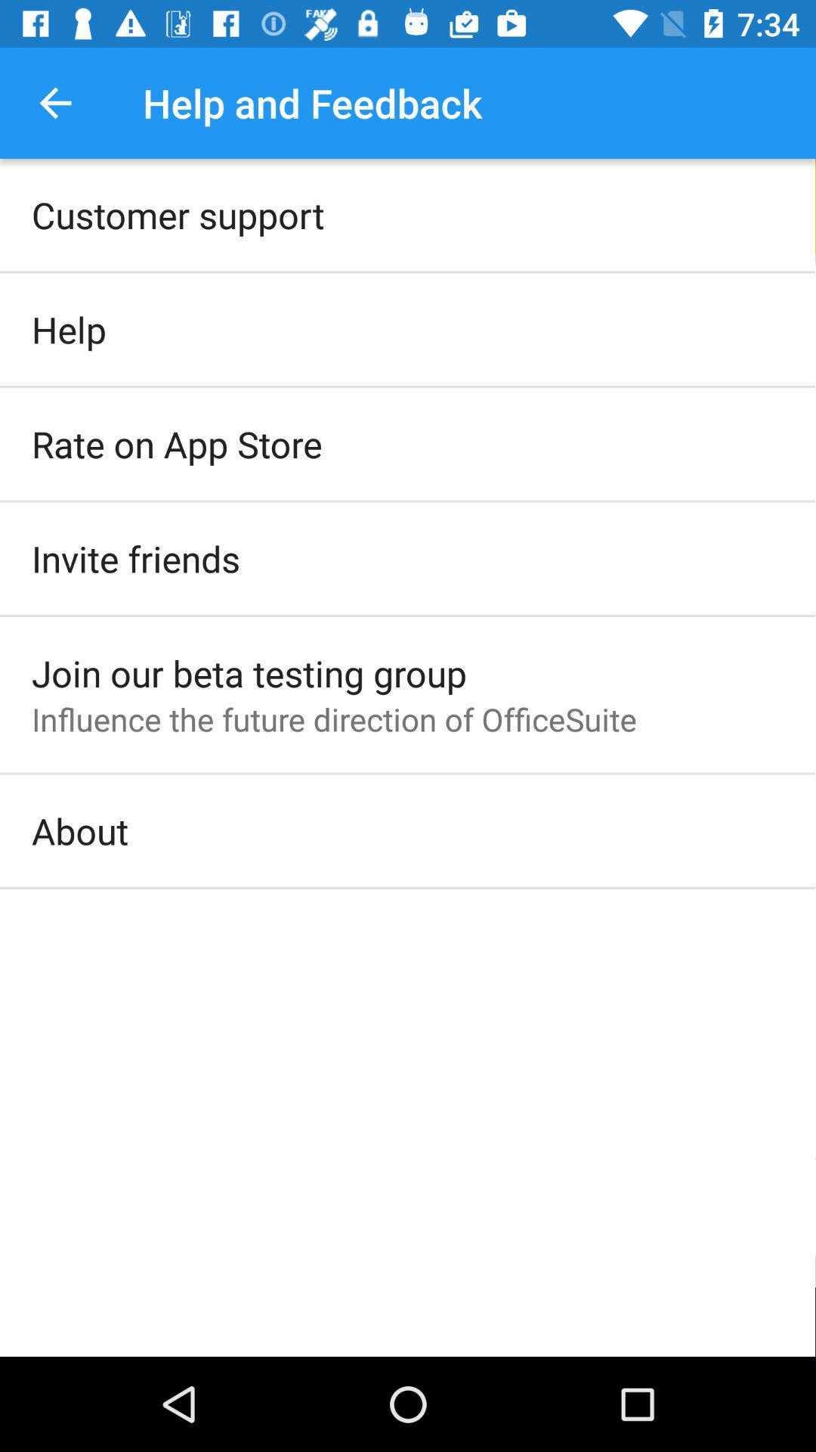 Image resolution: width=816 pixels, height=1452 pixels. Describe the element at coordinates (54, 102) in the screenshot. I see `go back` at that location.